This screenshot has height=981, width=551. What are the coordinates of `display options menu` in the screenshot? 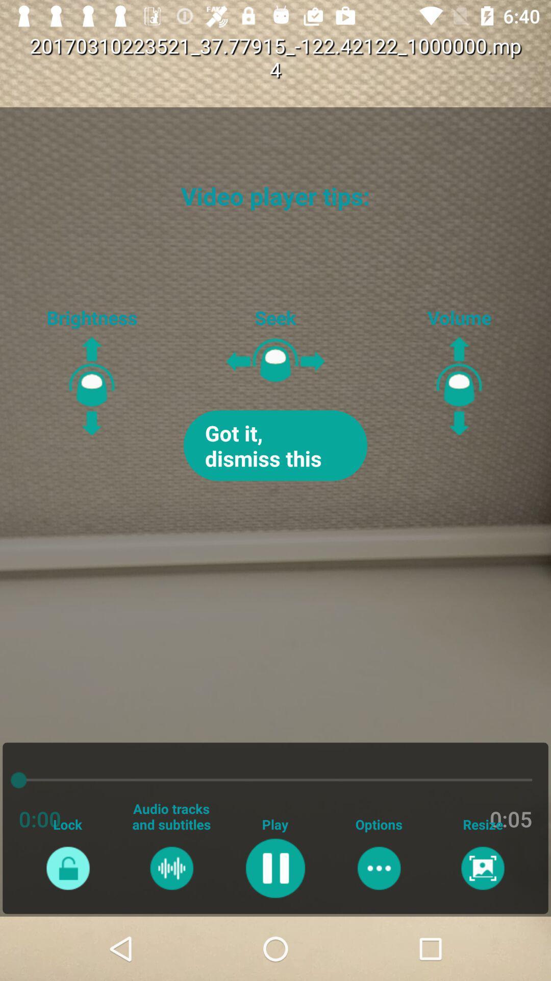 It's located at (379, 868).